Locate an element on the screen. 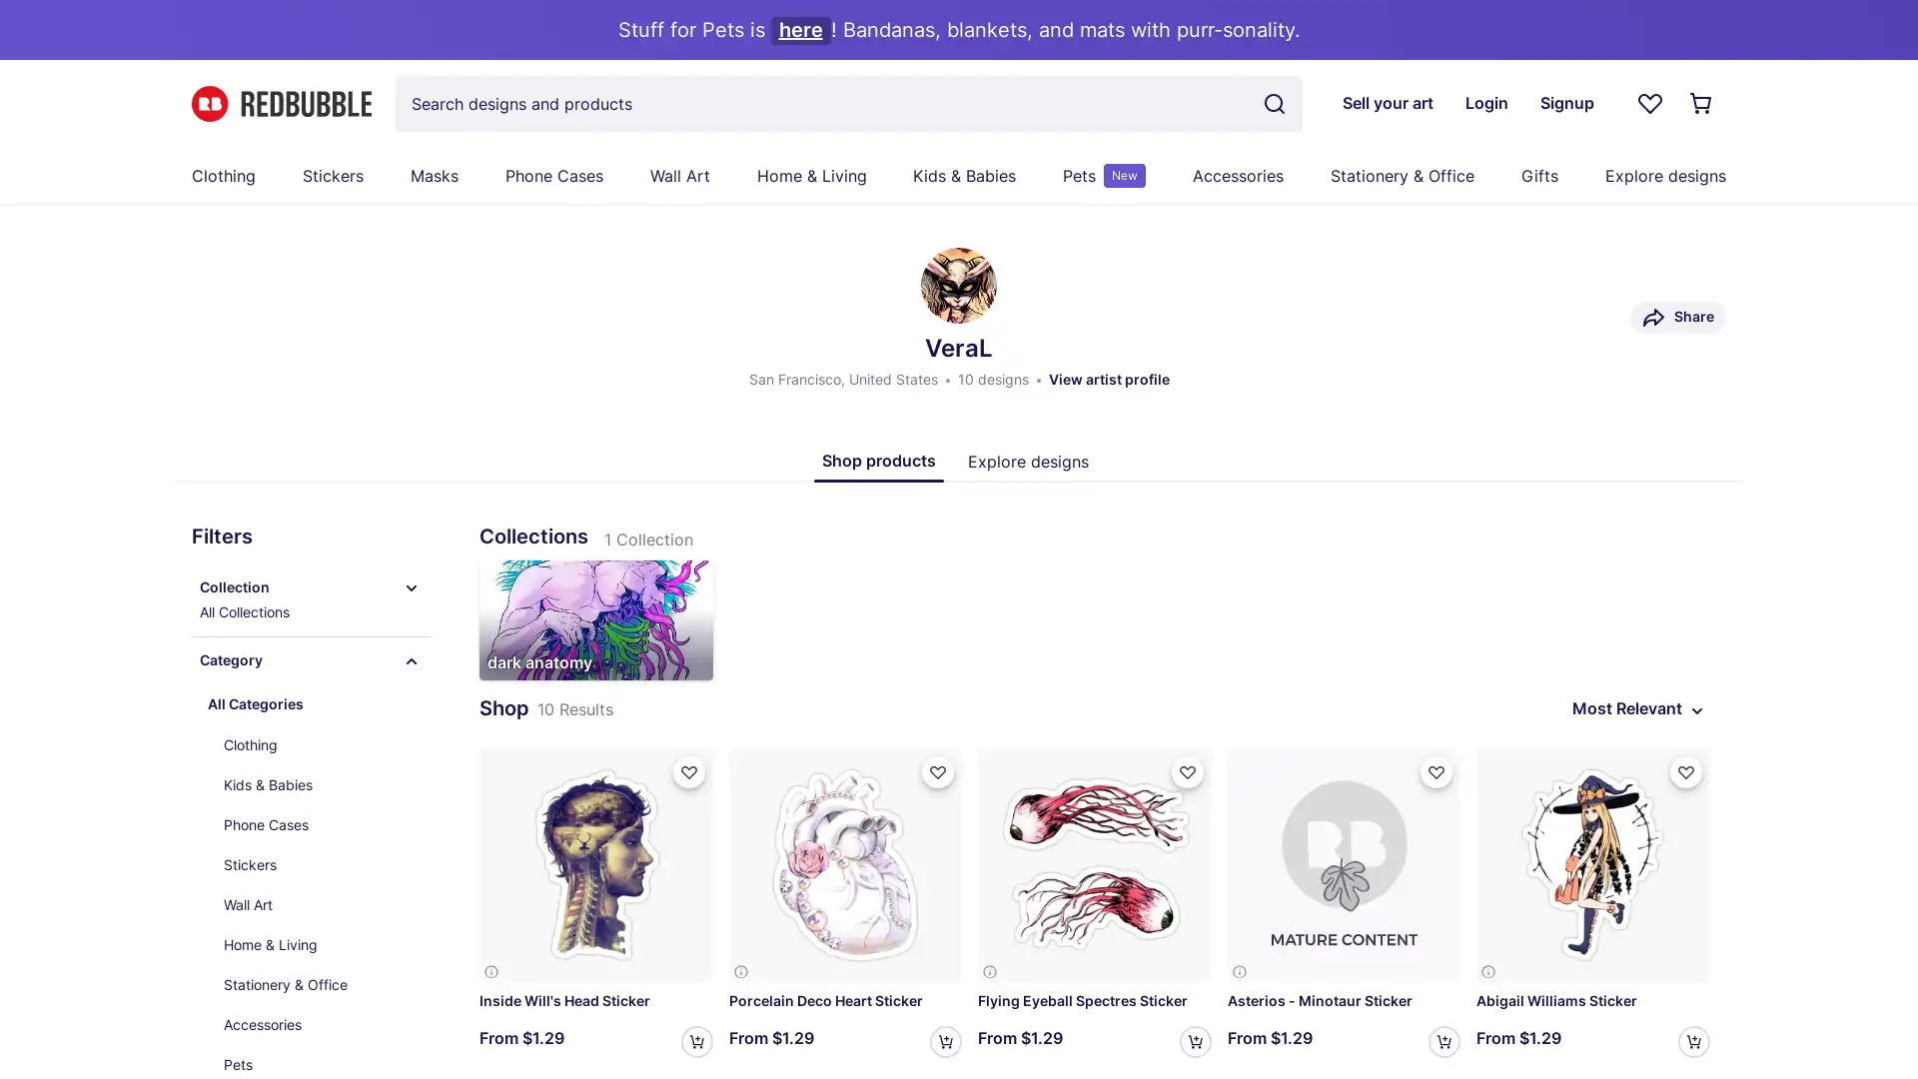 The width and height of the screenshot is (1918, 1079). Wall Art is located at coordinates (320, 905).